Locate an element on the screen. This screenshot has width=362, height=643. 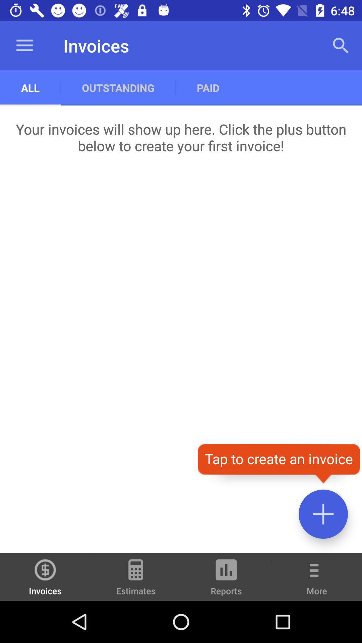
the item above all item is located at coordinates (24, 45).